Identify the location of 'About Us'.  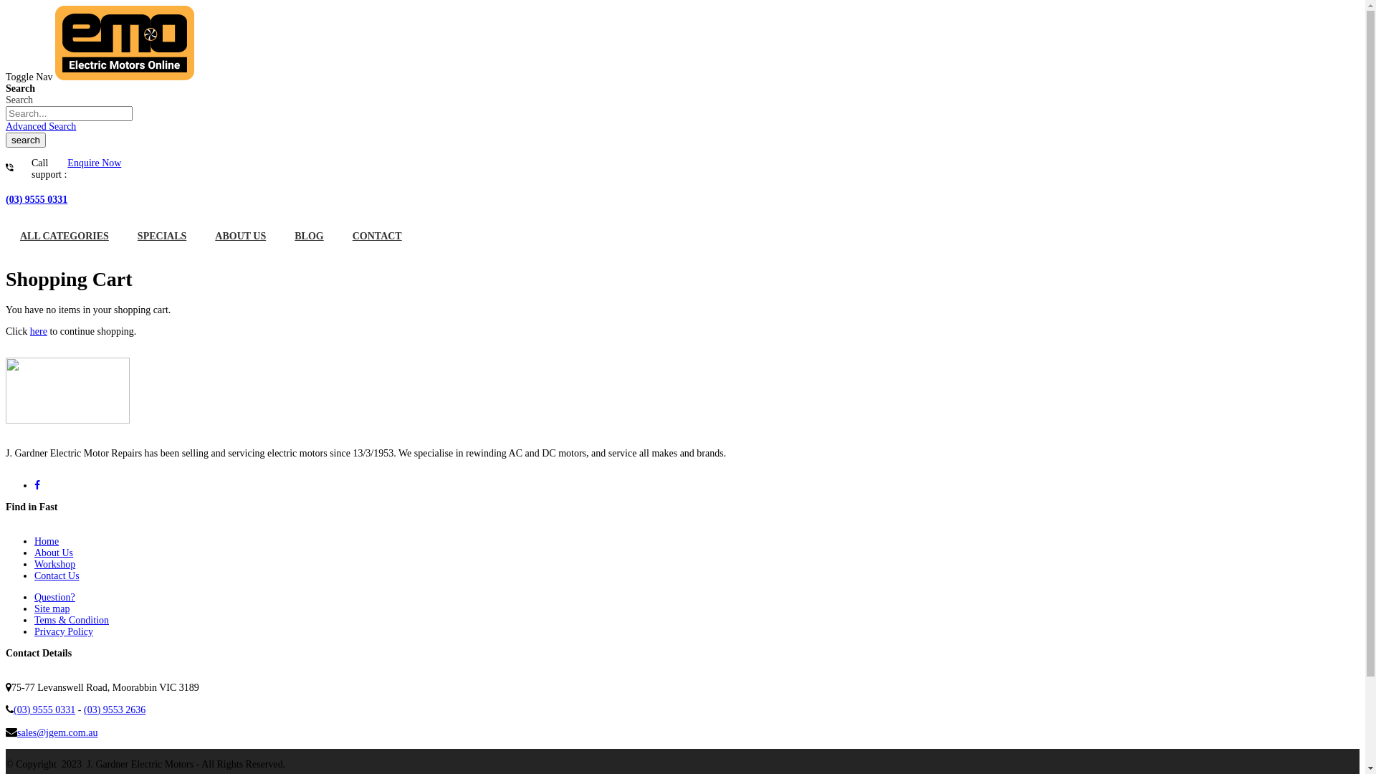
(54, 552).